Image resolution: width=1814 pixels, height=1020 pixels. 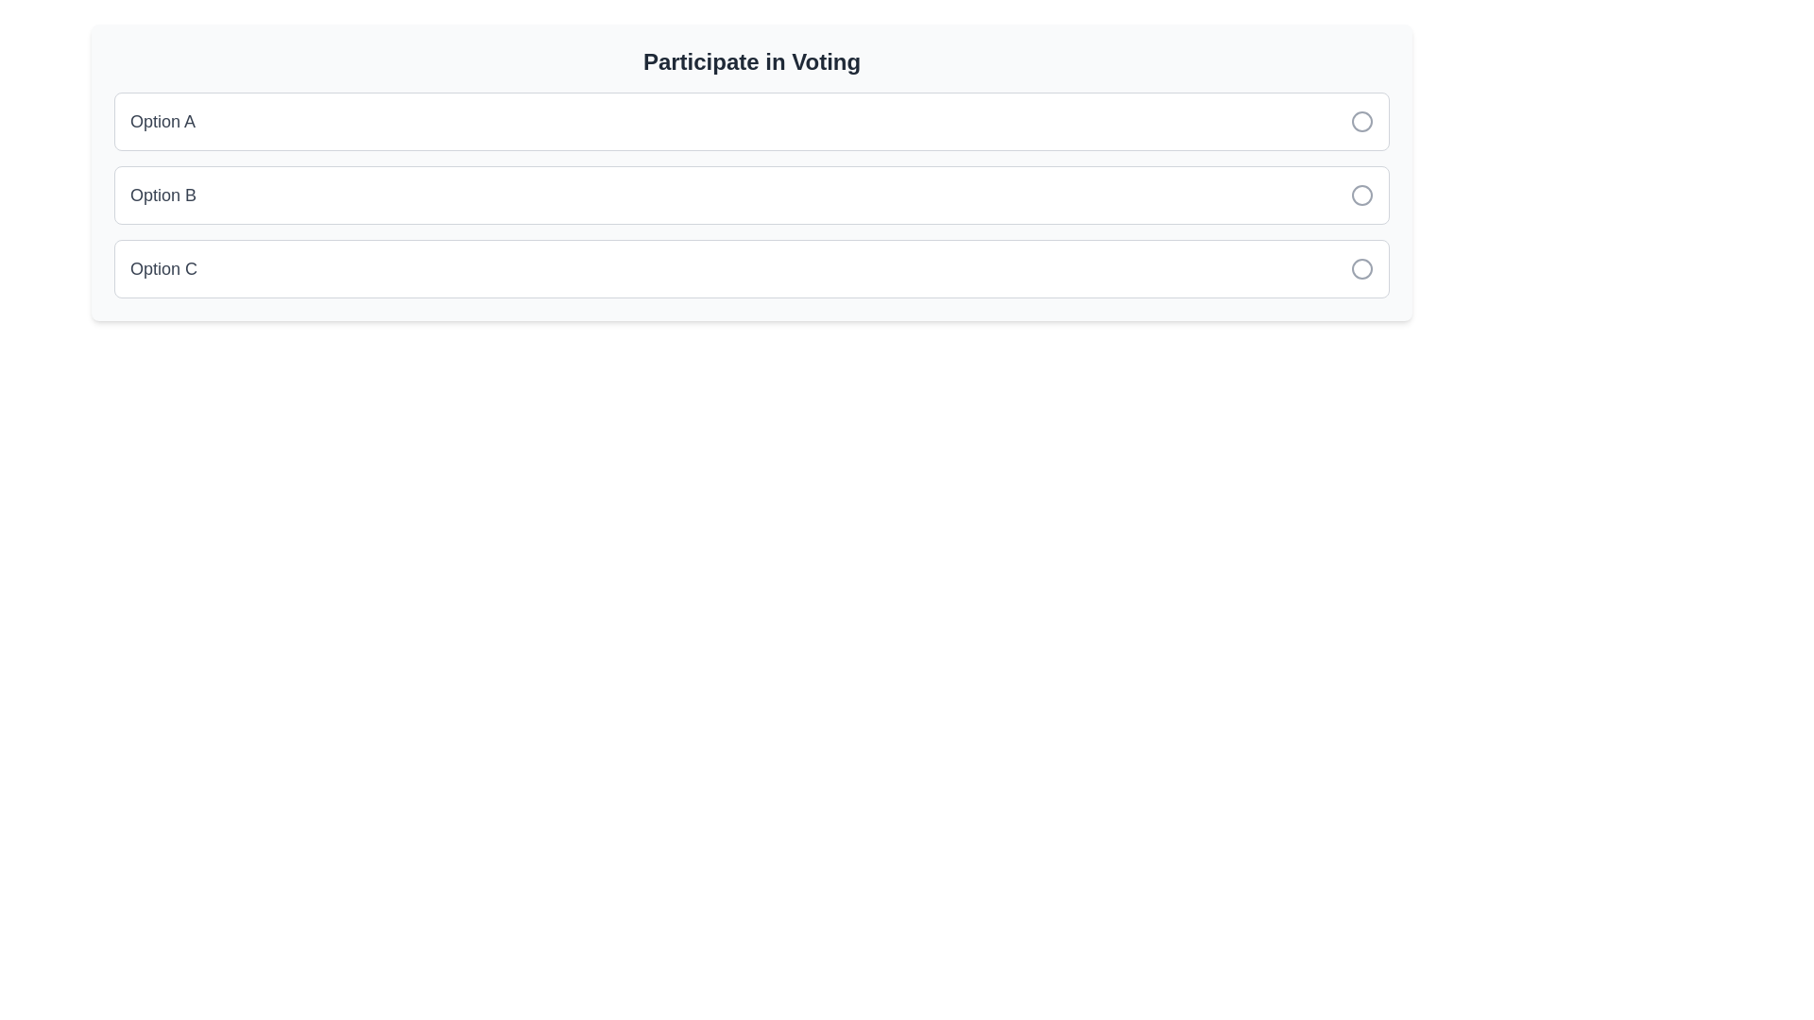 What do you see at coordinates (1361, 195) in the screenshot?
I see `the gray circle with a radius of 10 units within the SVG component, representing 'Option B' in the voting form` at bounding box center [1361, 195].